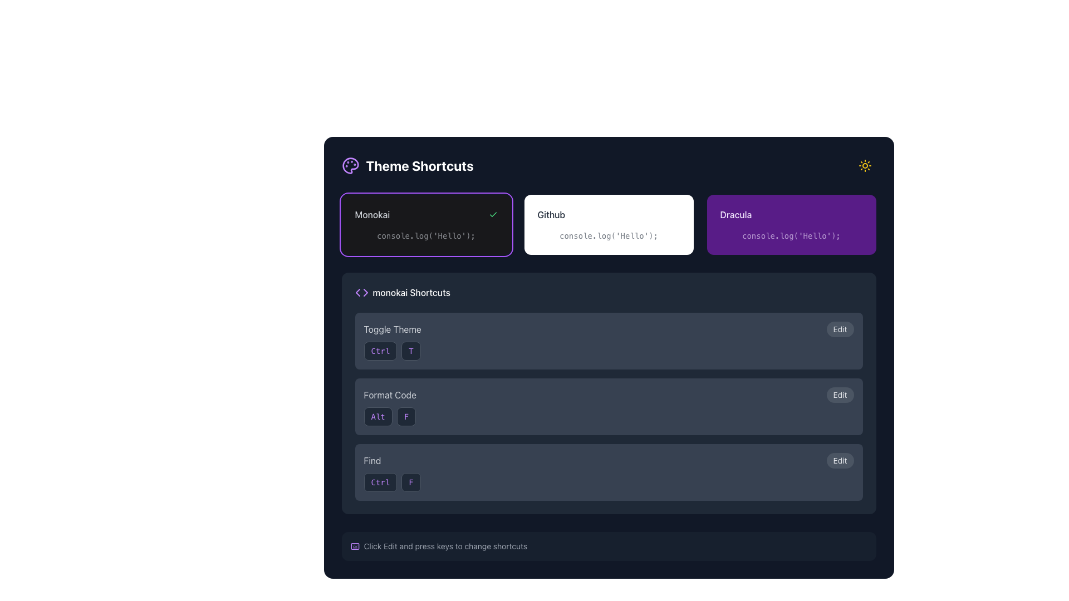  I want to click on the 'Format Code' shortcut configuration panel for keyboard navigation, so click(608, 407).